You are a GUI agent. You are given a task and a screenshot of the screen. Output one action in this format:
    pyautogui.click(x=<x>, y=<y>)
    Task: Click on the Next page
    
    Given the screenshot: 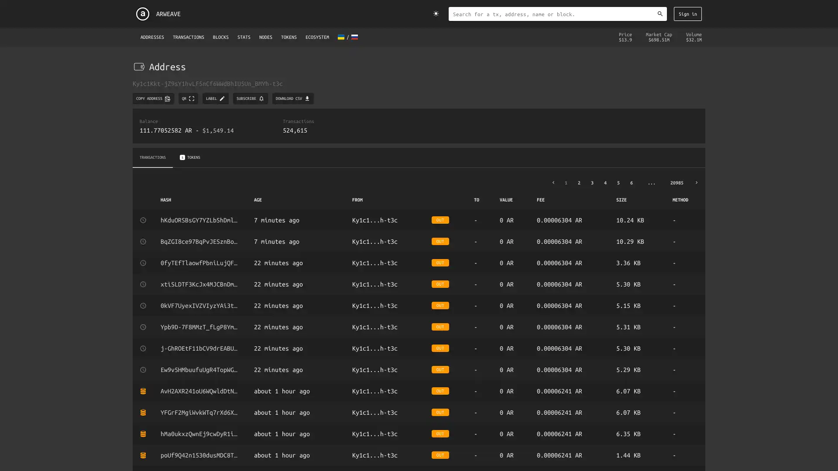 What is the action you would take?
    pyautogui.click(x=696, y=181)
    